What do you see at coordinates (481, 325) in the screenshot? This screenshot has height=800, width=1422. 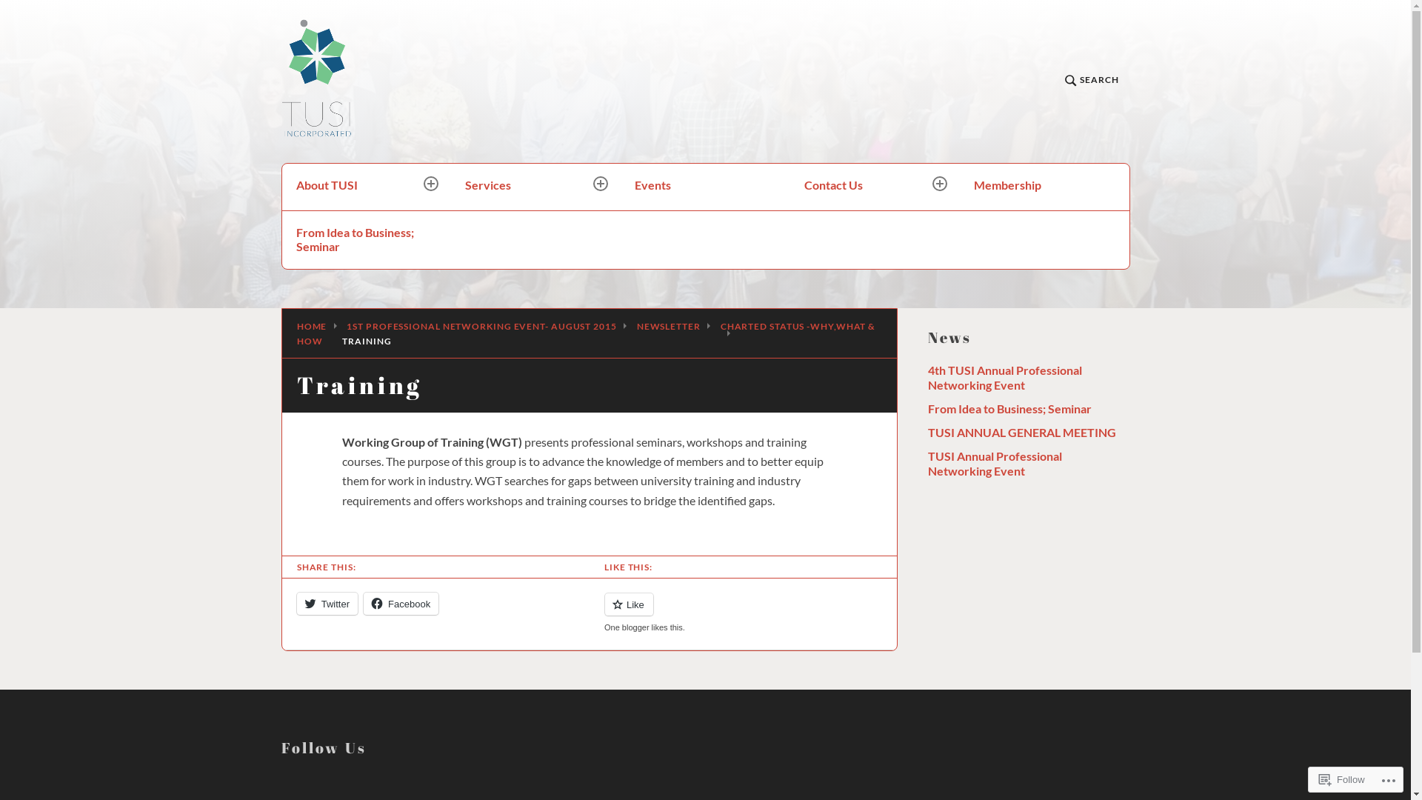 I see `'1ST PROFESSIONAL NETWORKING EVENT- AUGUST 2015'` at bounding box center [481, 325].